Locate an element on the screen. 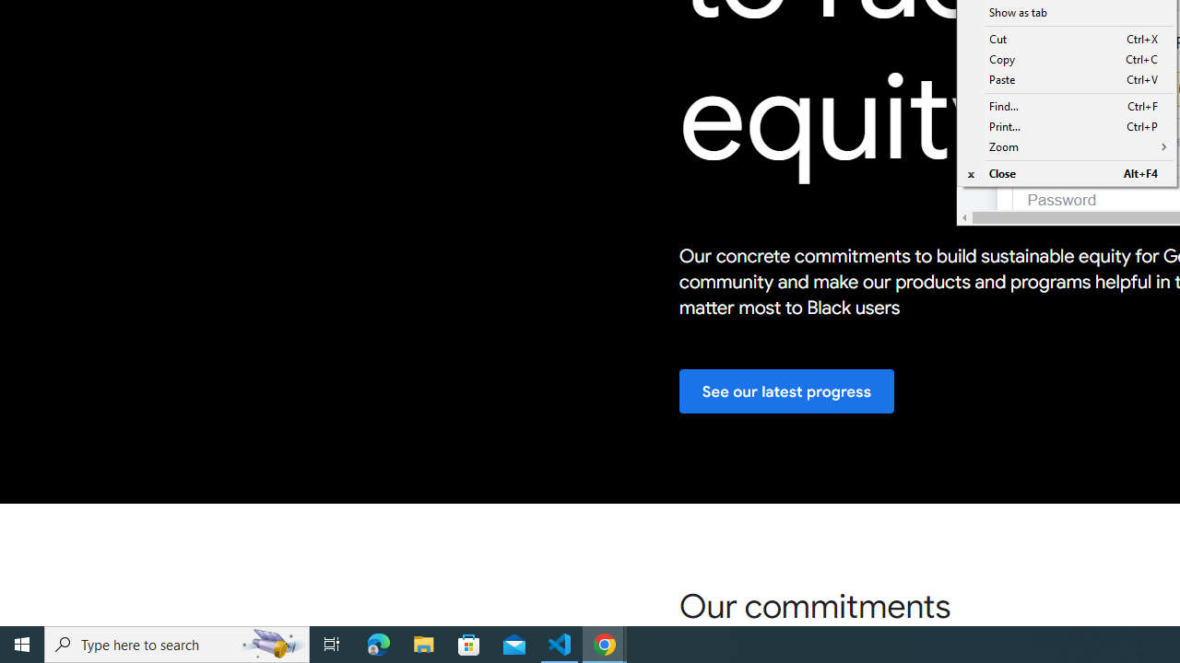 This screenshot has width=1180, height=663. 'File Explorer' is located at coordinates (423, 643).